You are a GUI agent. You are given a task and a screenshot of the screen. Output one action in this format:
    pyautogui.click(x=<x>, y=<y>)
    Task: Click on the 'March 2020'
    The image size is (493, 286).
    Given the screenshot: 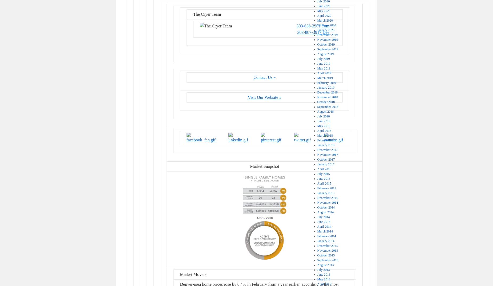 What is the action you would take?
    pyautogui.click(x=324, y=21)
    